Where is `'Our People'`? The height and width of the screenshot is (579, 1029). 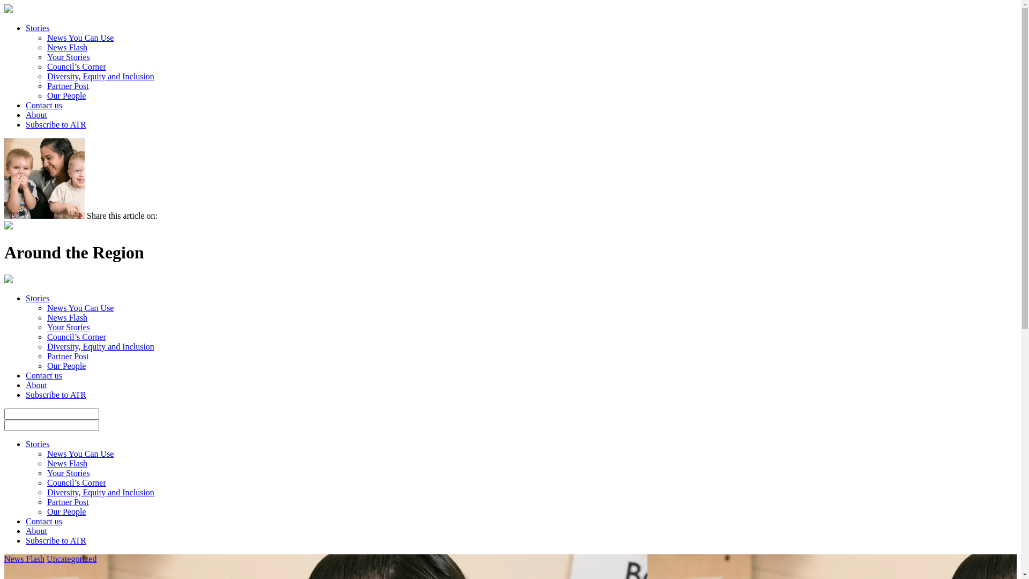 'Our People' is located at coordinates (66, 511).